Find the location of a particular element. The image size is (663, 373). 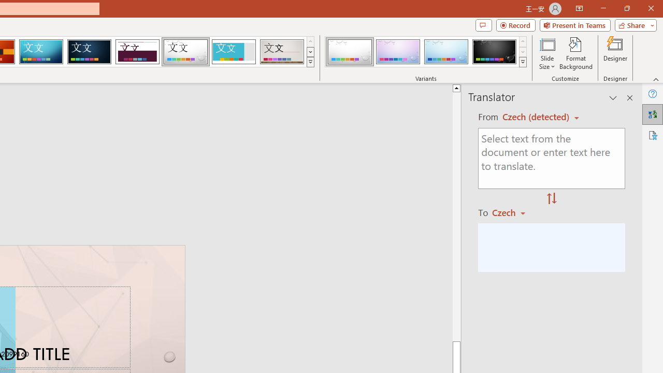

'Droplet Variant 4' is located at coordinates (494, 52).